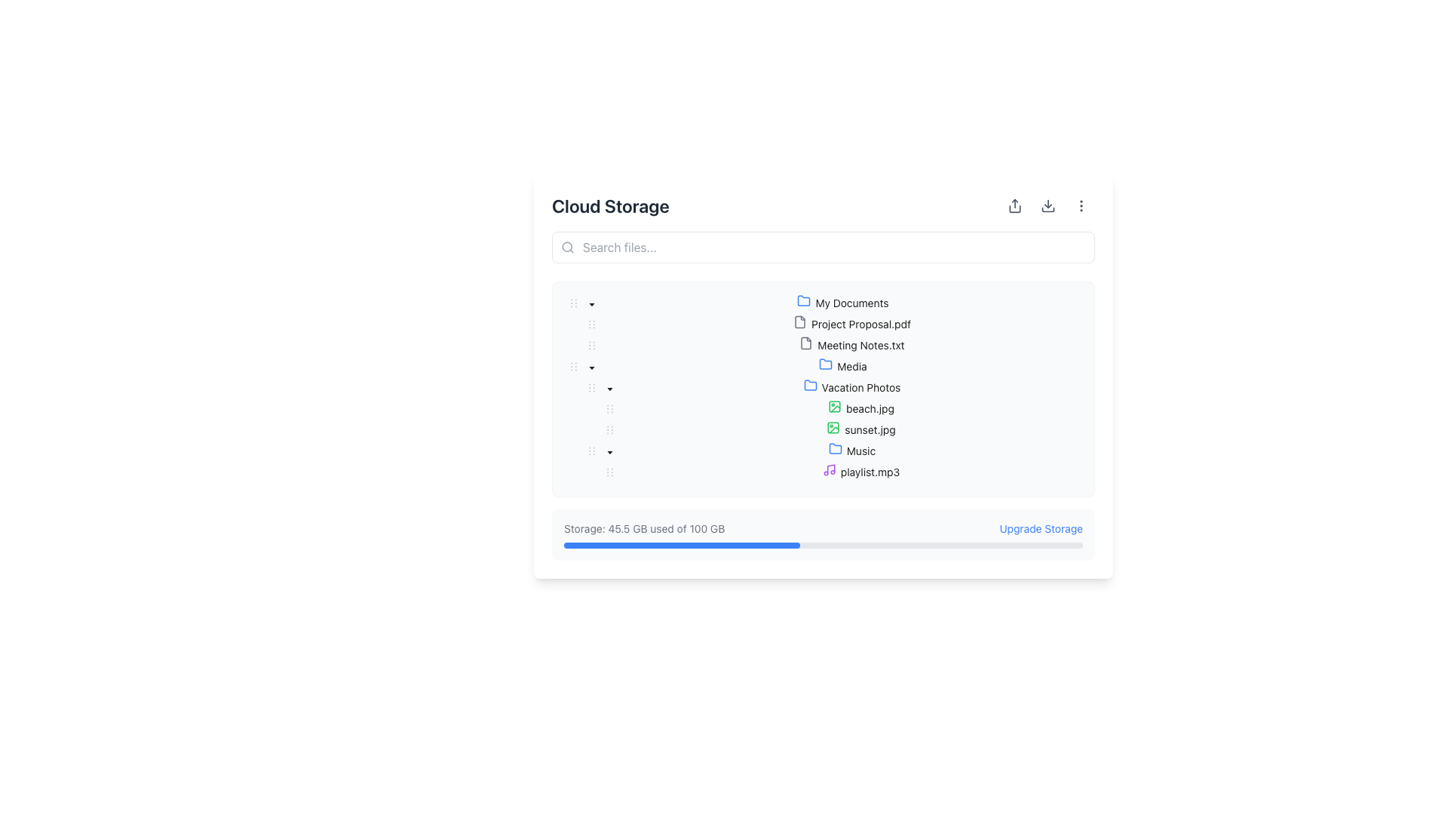 The height and width of the screenshot is (815, 1448). What do you see at coordinates (822, 303) in the screenshot?
I see `the 'My Documents' folder tree node` at bounding box center [822, 303].